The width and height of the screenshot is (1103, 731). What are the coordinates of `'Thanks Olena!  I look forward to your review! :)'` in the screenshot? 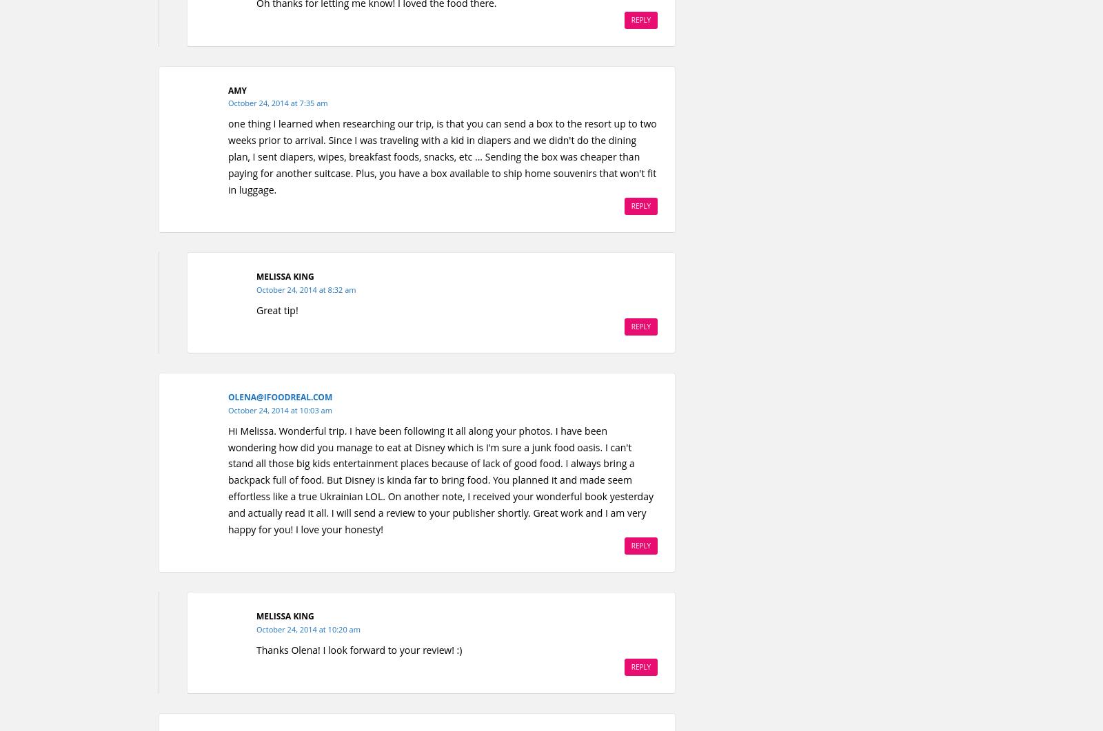 It's located at (358, 648).